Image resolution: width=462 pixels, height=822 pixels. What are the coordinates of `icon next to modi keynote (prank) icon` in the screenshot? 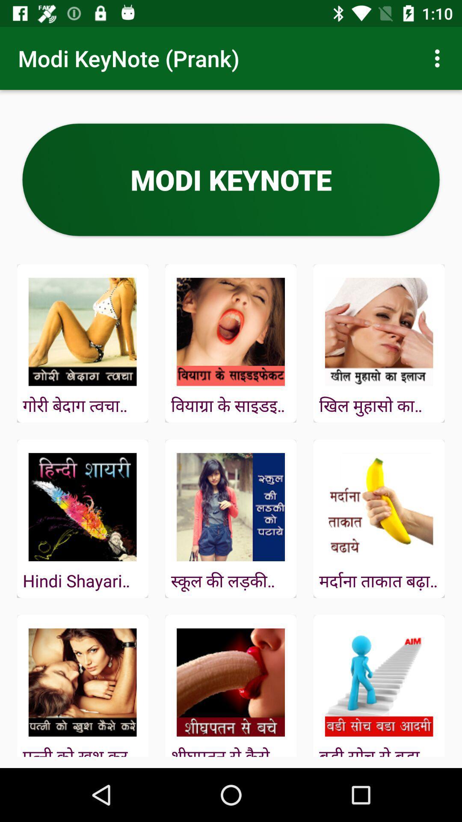 It's located at (439, 58).